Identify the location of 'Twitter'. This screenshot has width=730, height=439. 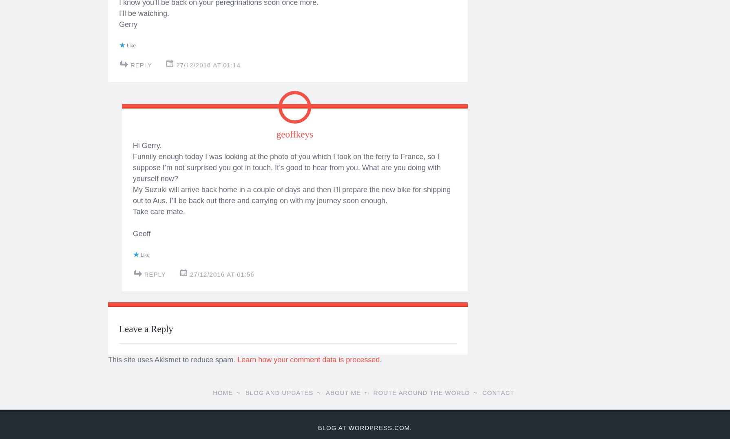
(141, 33).